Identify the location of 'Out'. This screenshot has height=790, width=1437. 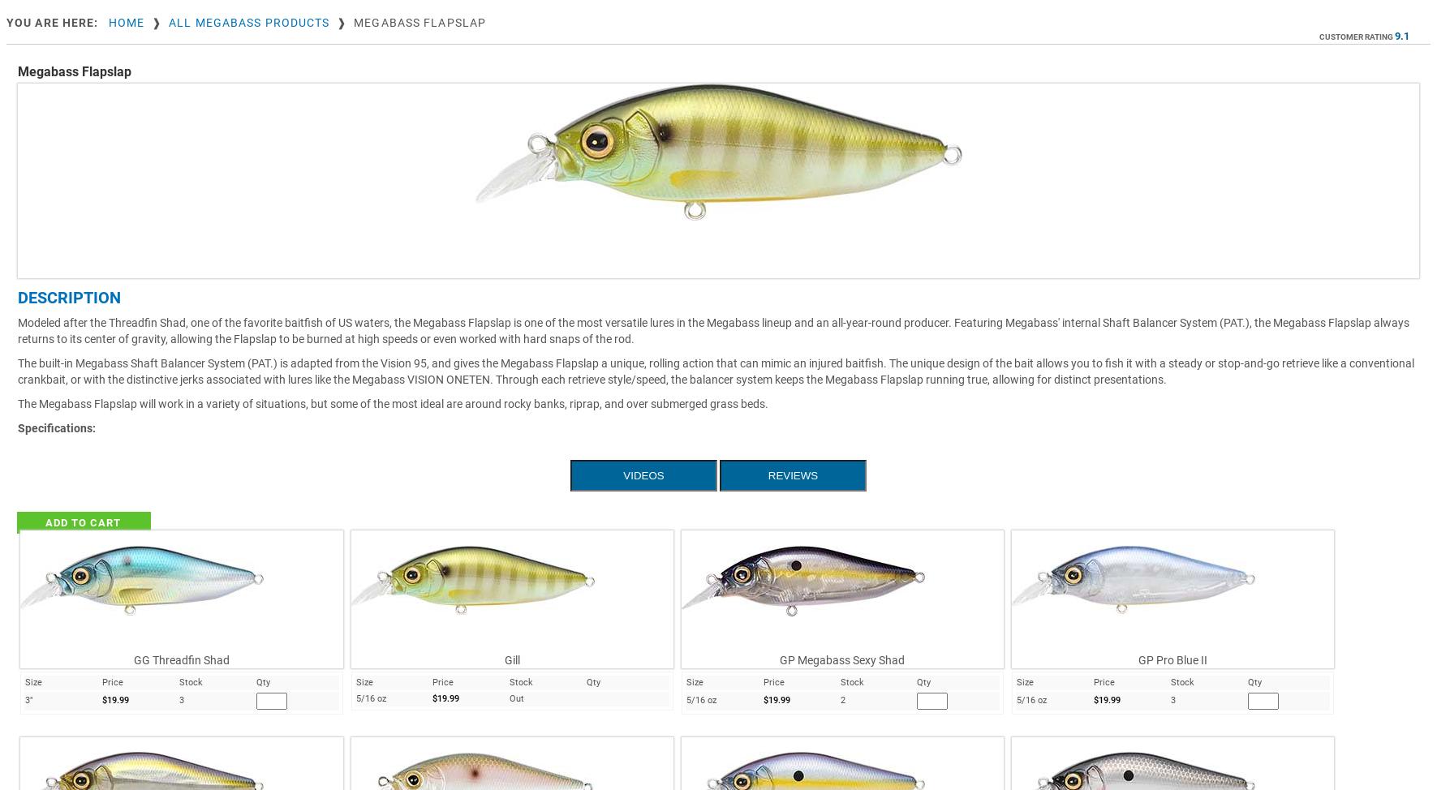
(508, 698).